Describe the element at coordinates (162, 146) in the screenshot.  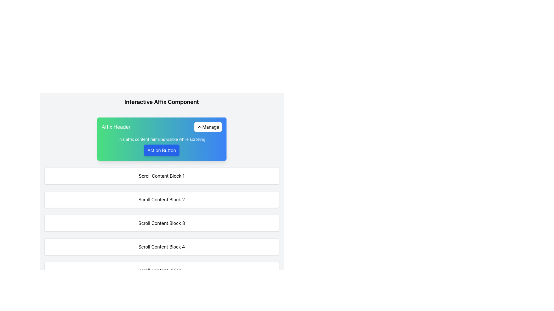
I see `the 'Action Button' located in the sticky header below the text 'Affix Header'` at that location.